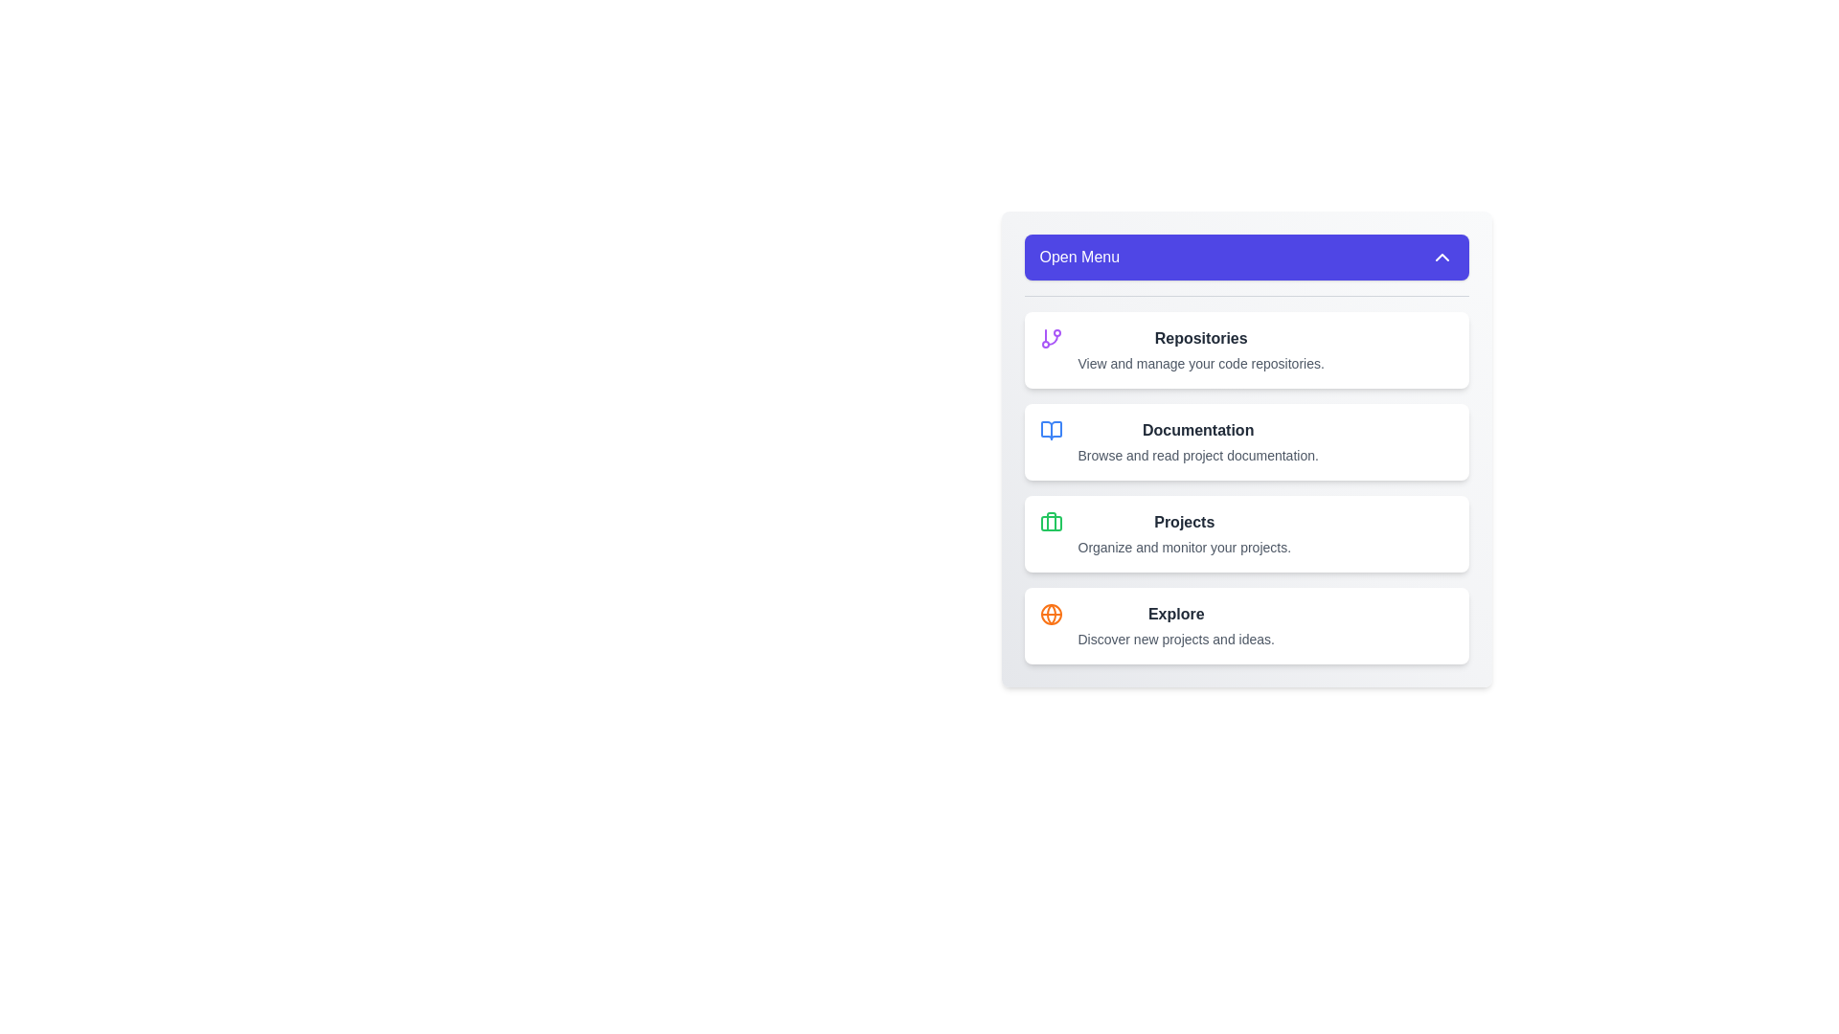  I want to click on the second interactive card in the vertically stacked list that serves as a navigation link to the documentation section, so click(1246, 442).